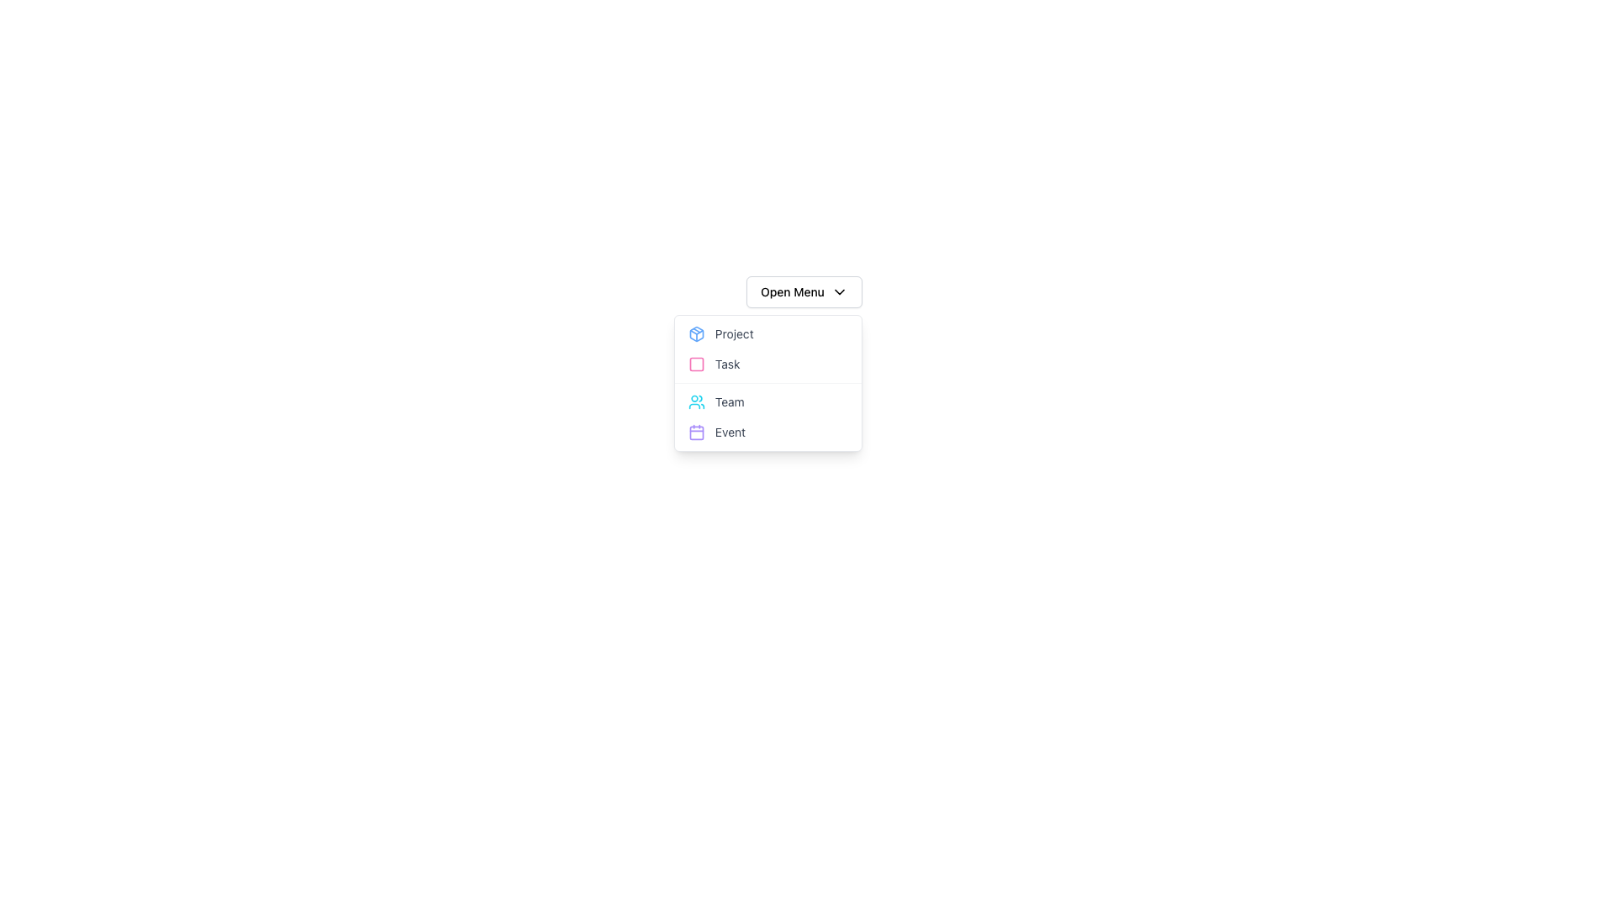  What do you see at coordinates (696, 364) in the screenshot?
I see `the first graphical icon inside the 'Task' row of the dropdown menu, which is a square icon with a pink border and a dot inside` at bounding box center [696, 364].